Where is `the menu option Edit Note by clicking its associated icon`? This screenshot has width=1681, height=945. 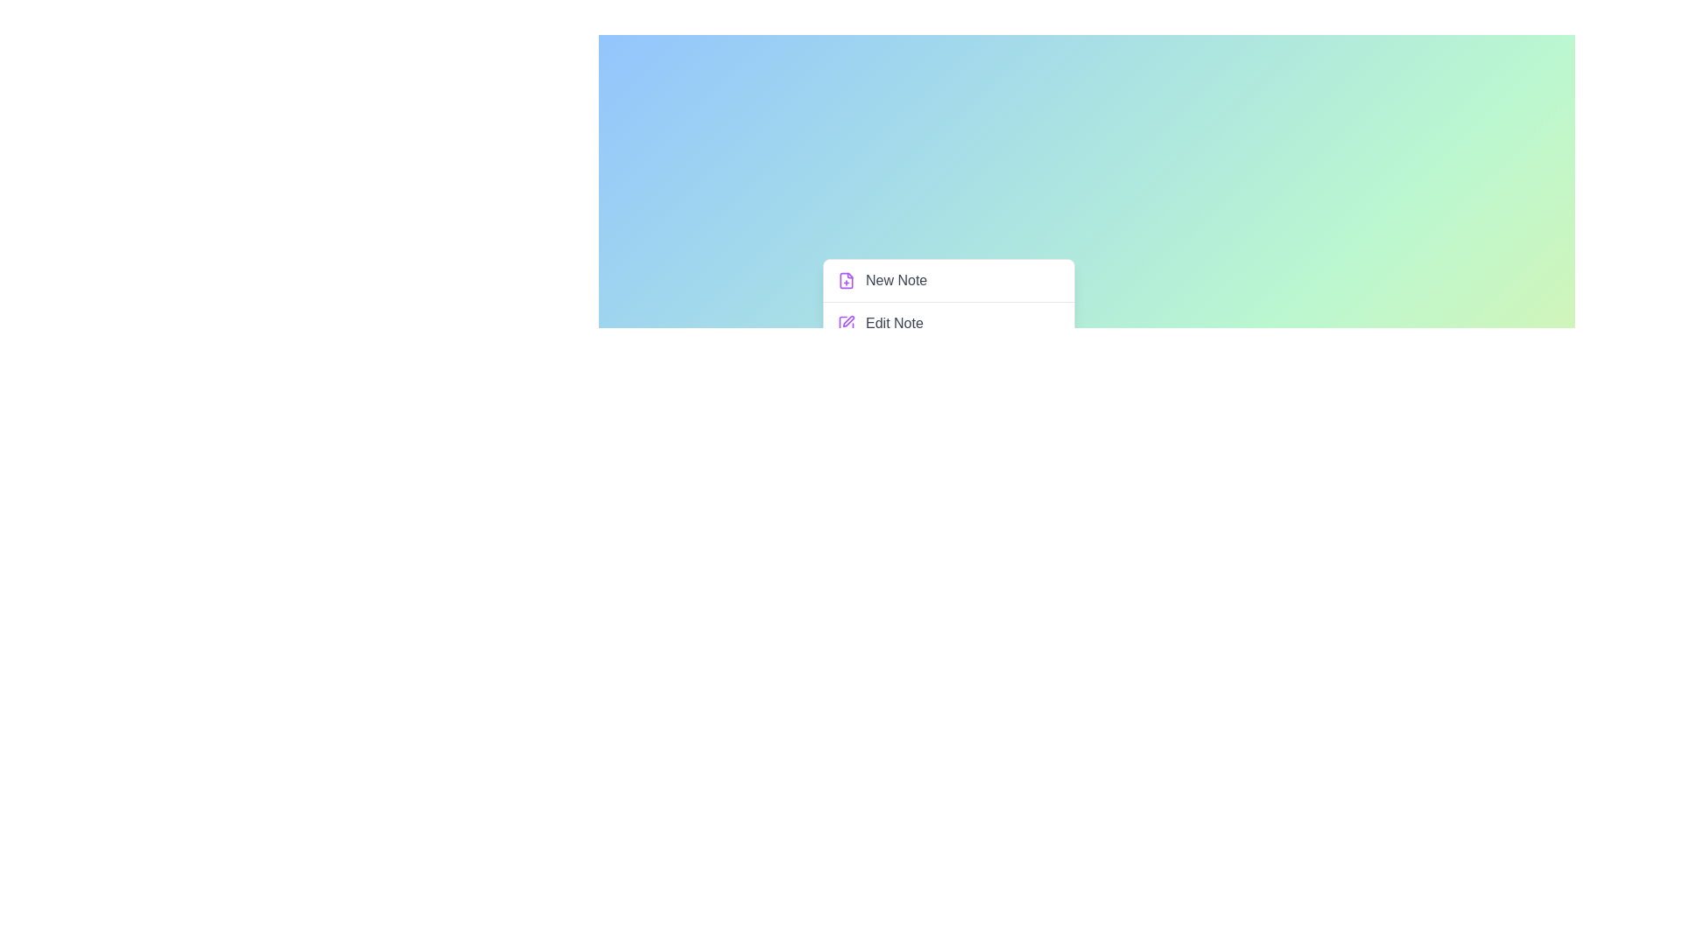
the menu option Edit Note by clicking its associated icon is located at coordinates (846, 324).